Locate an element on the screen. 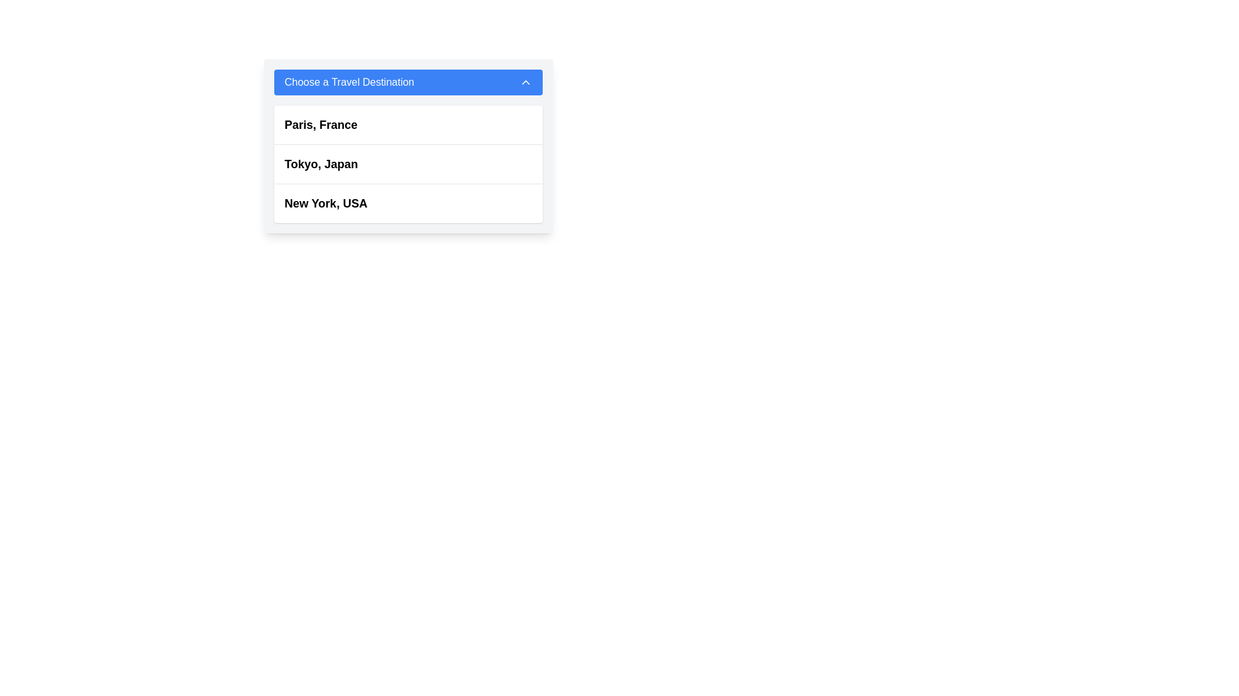 This screenshot has height=696, width=1239. the list item displaying 'Tokyo, Japan' in the dropdown menu is located at coordinates (408, 163).